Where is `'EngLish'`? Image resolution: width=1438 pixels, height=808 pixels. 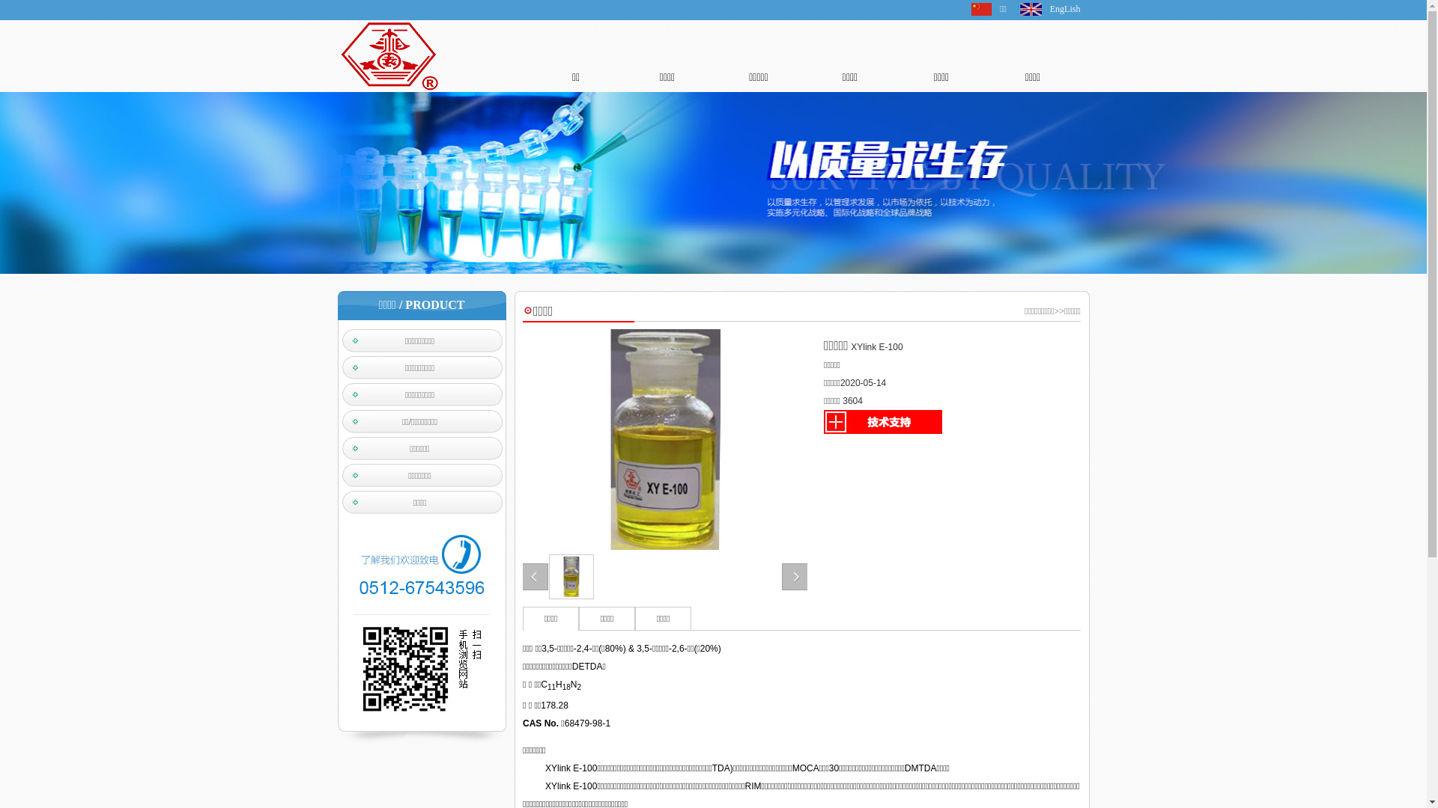 'EngLish' is located at coordinates (1049, 8).